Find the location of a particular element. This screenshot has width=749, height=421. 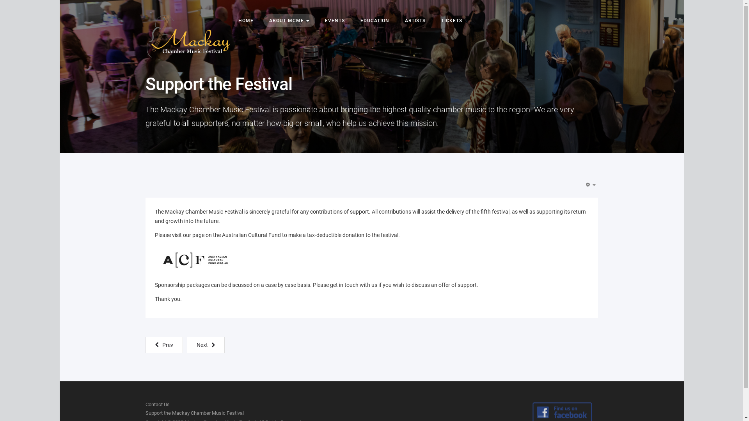

'ABOUT MCMF' is located at coordinates (263, 20).